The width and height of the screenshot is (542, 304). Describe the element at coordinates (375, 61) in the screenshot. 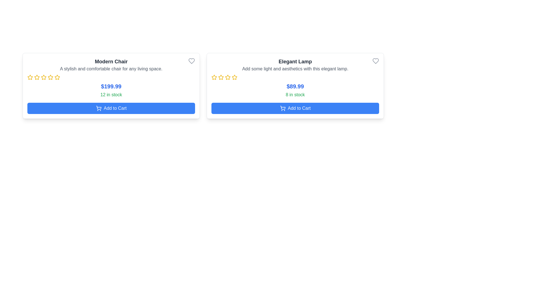

I see `the heart-shaped icon in the top-right corner of the 'Elegant Lamp' card` at that location.